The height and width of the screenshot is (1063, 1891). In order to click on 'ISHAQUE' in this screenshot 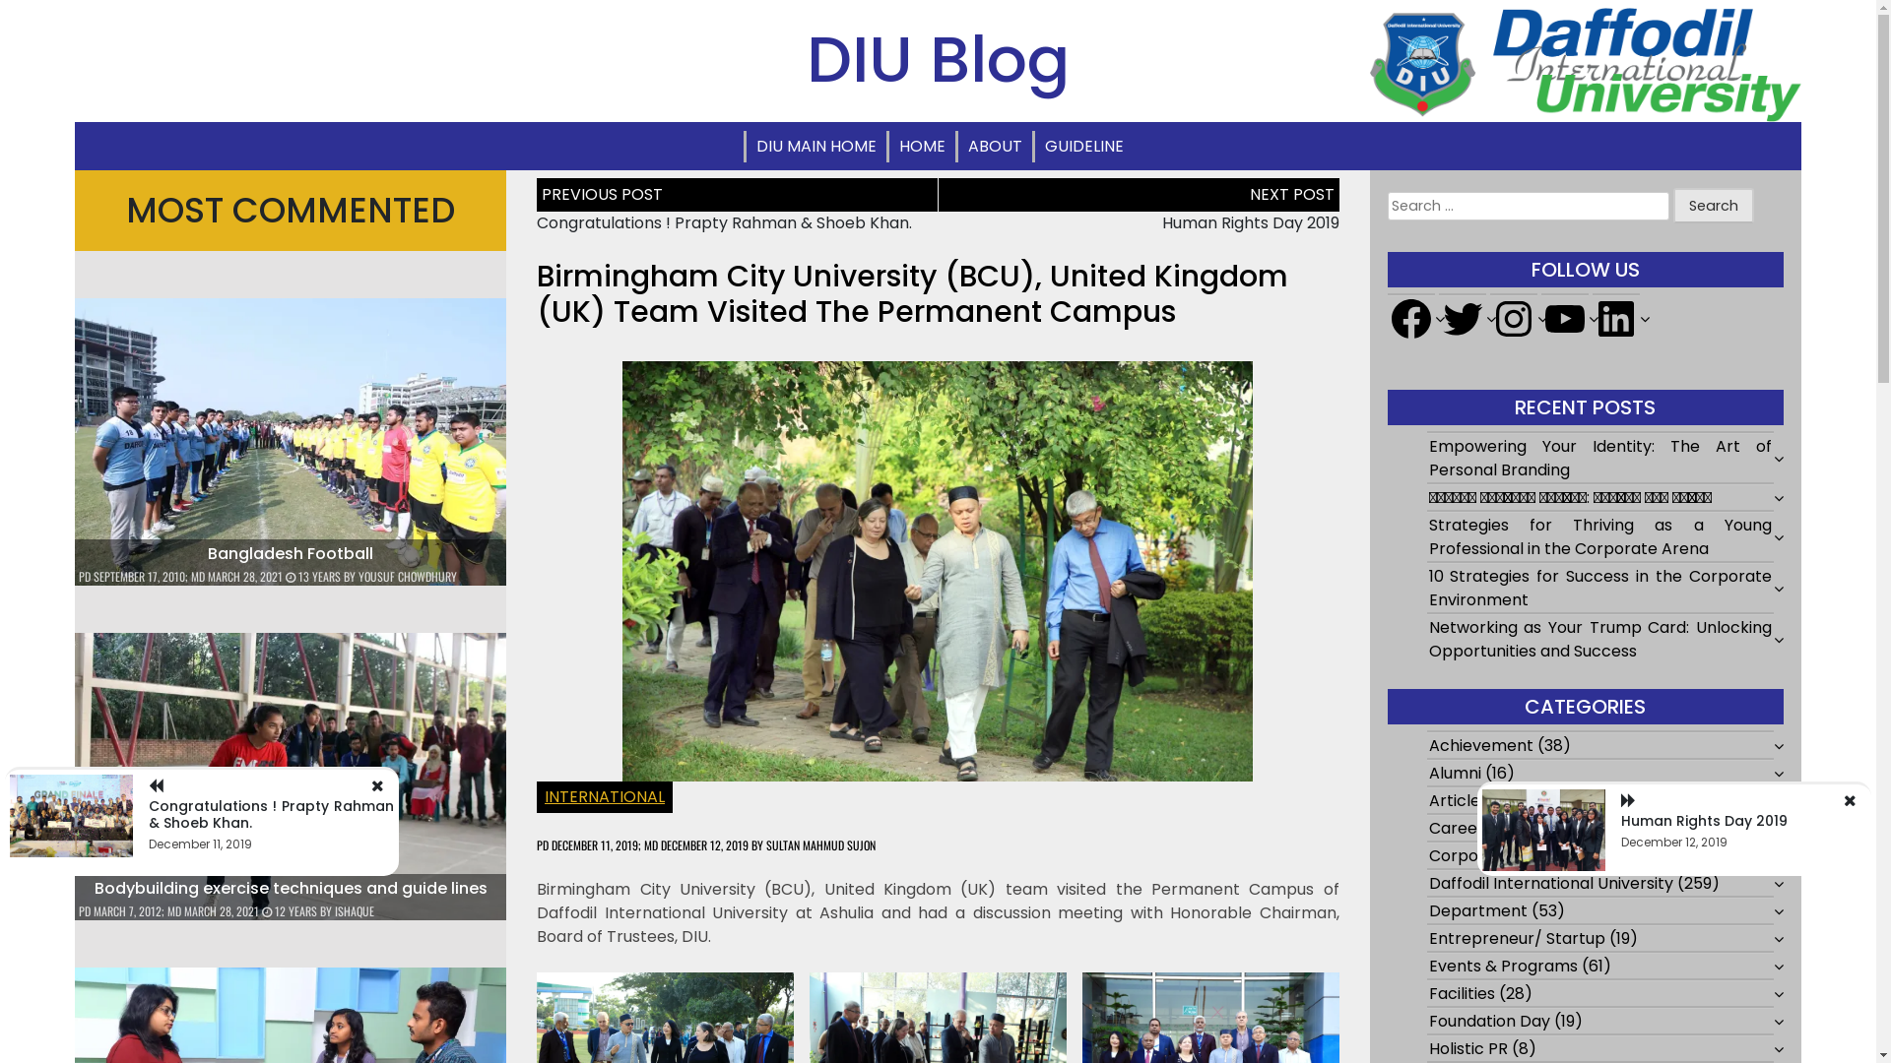, I will do `click(355, 910)`.